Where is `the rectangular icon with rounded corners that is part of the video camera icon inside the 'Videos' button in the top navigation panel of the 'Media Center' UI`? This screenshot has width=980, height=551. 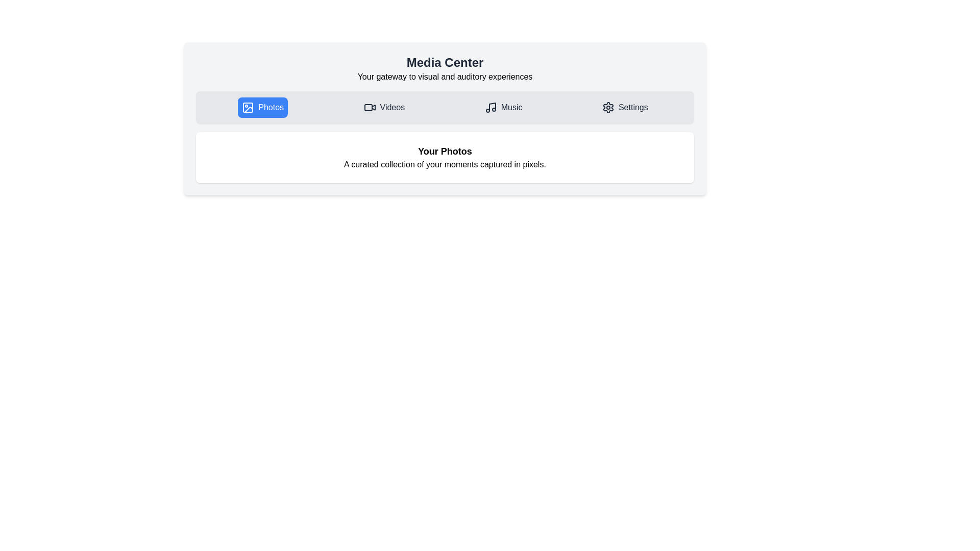 the rectangular icon with rounded corners that is part of the video camera icon inside the 'Videos' button in the top navigation panel of the 'Media Center' UI is located at coordinates (367, 108).